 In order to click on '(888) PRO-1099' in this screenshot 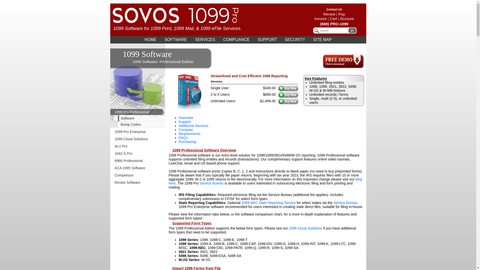, I will do `click(334, 24)`.